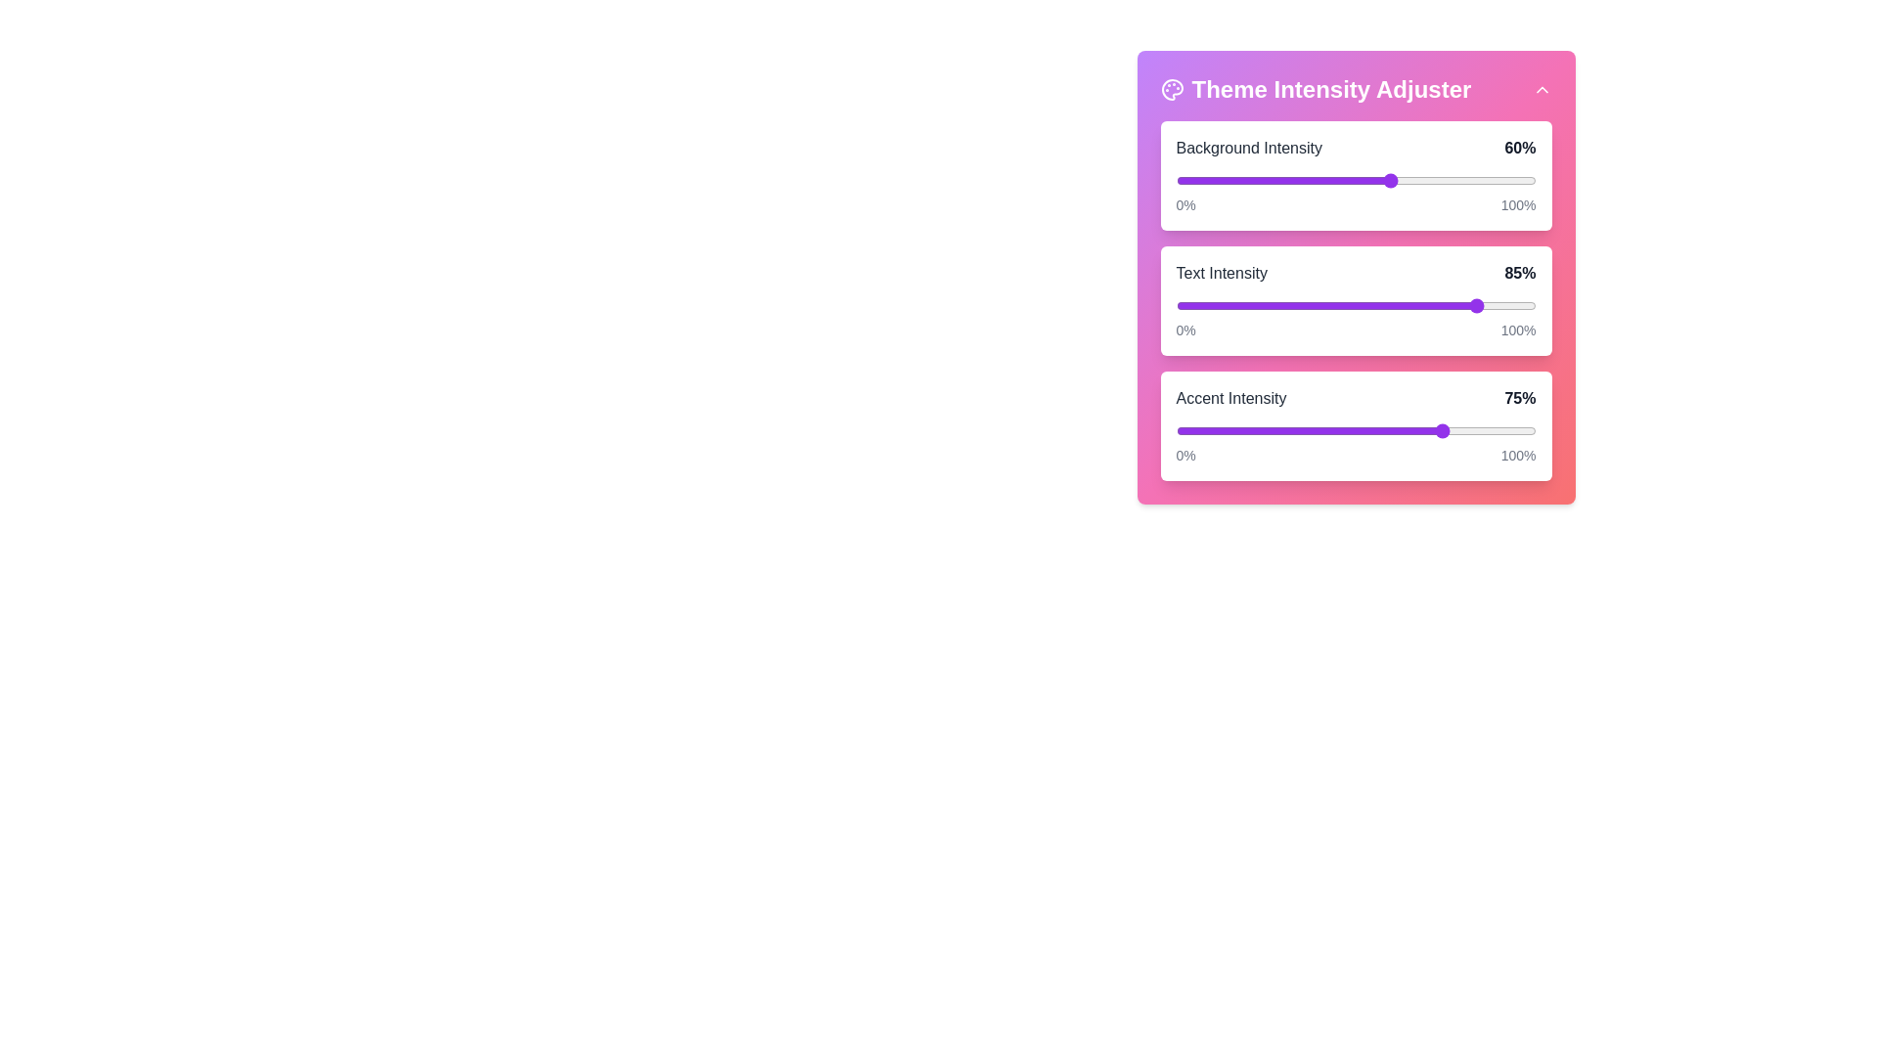 The height and width of the screenshot is (1056, 1878). I want to click on the prominently styled heading text 'Theme Intensity Adjuster' with a palette icon, which is located at the top-left of the settings card, so click(1316, 90).